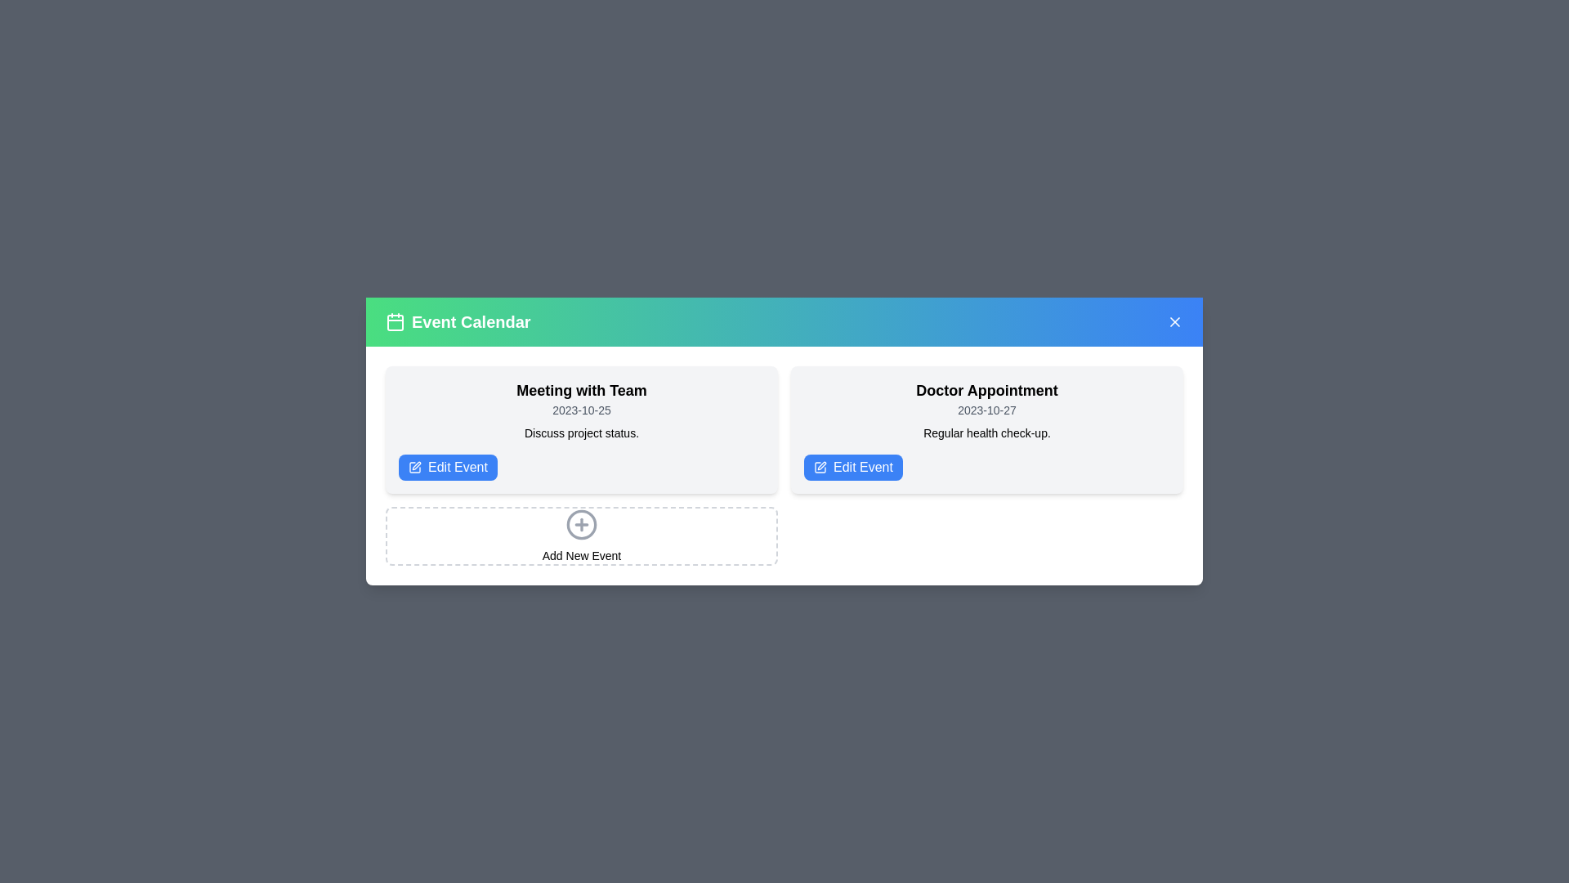  Describe the element at coordinates (852, 467) in the screenshot. I see `the 'Edit Event' button for the event titled 'Doctor Appointment'` at that location.